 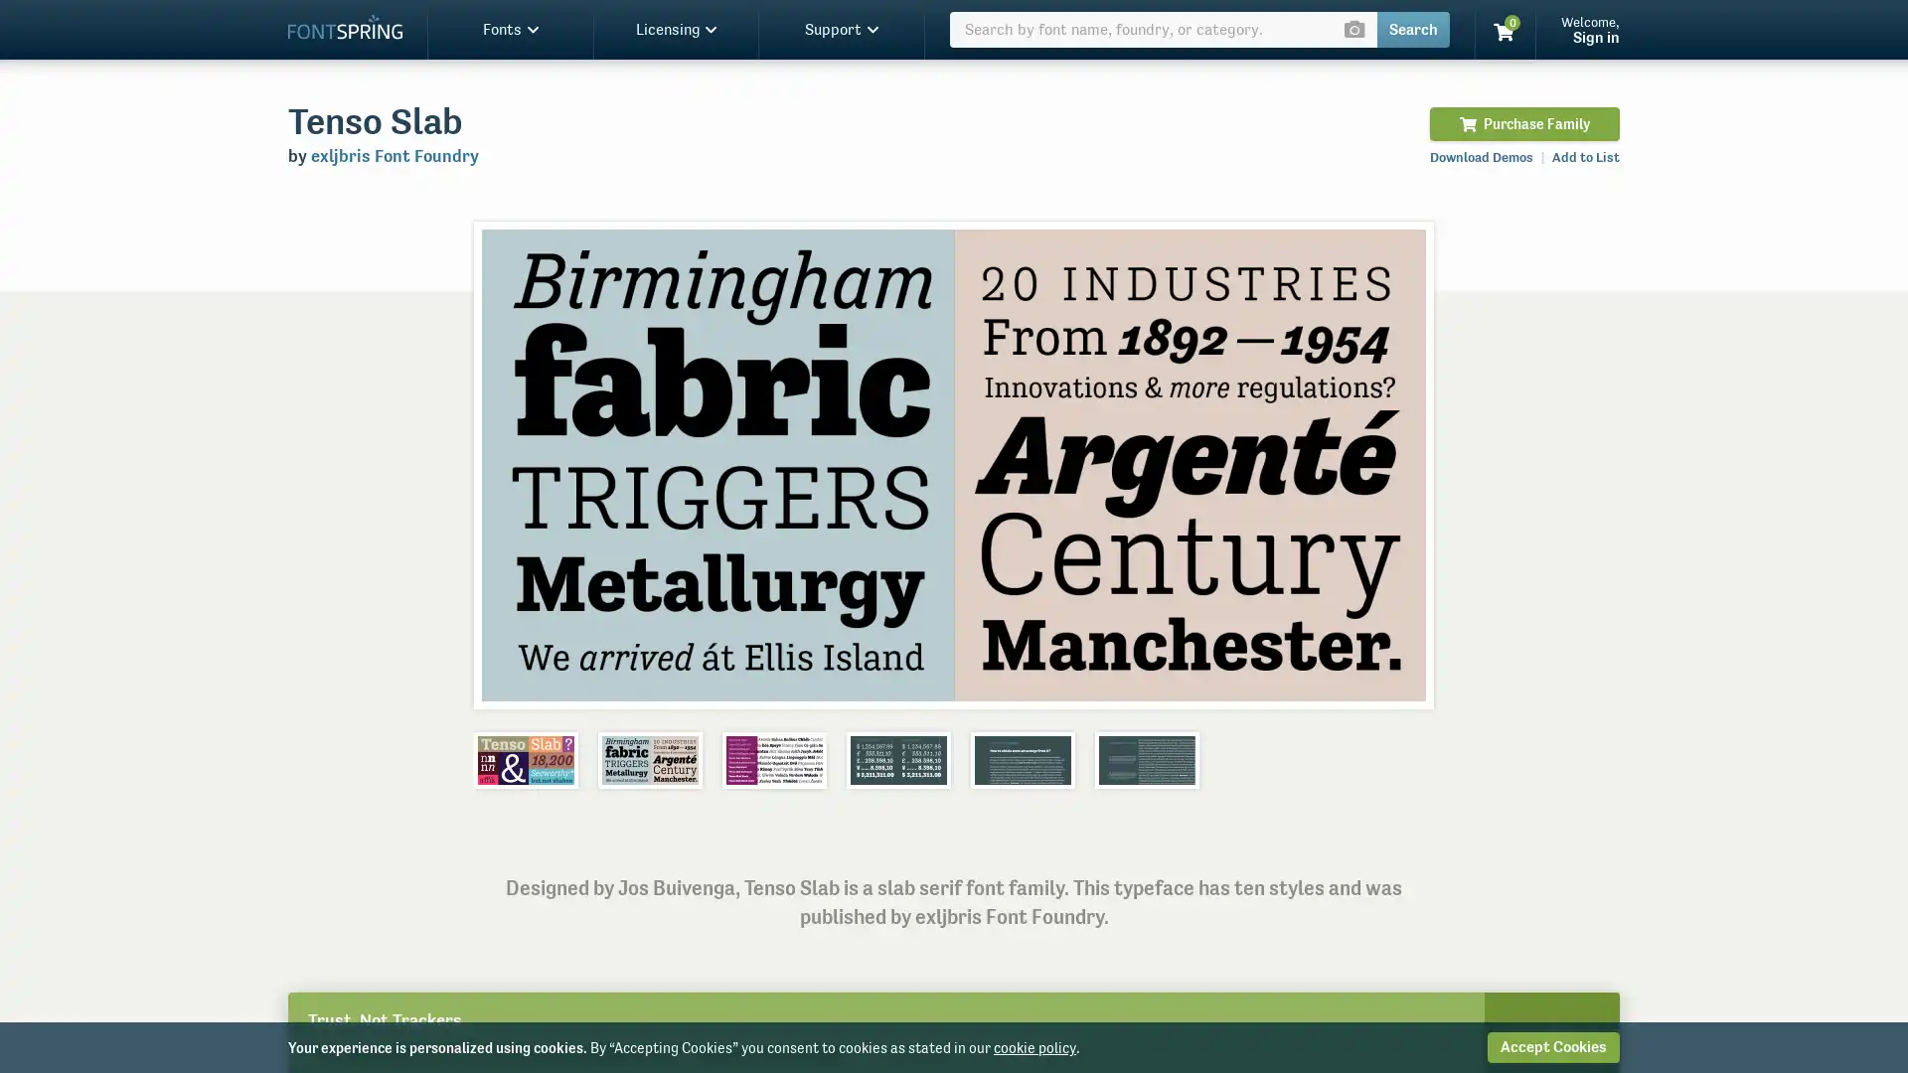 What do you see at coordinates (1552, 1046) in the screenshot?
I see `Accept Cookies` at bounding box center [1552, 1046].